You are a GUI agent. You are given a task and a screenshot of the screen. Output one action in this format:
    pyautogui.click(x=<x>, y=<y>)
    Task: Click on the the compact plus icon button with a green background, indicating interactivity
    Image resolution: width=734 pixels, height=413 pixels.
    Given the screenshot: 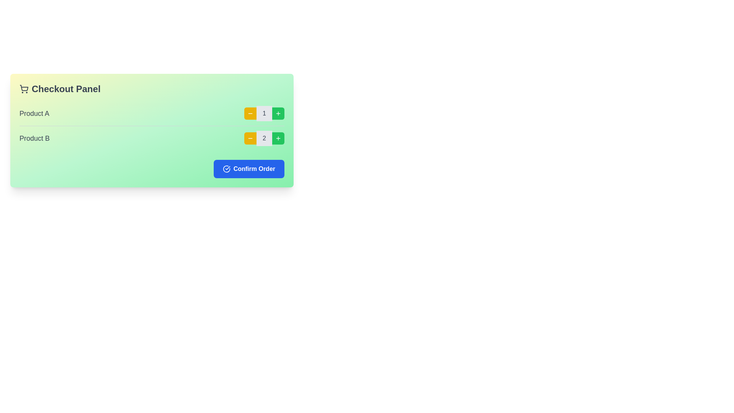 What is the action you would take?
    pyautogui.click(x=278, y=138)
    